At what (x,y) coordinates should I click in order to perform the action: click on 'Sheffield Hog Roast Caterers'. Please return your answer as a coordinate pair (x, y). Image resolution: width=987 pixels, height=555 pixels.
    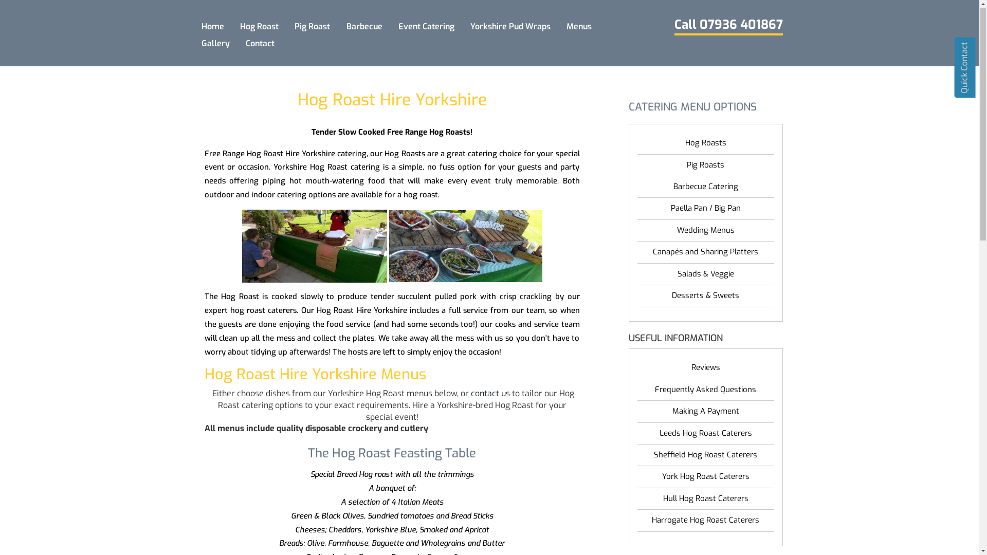
    Looking at the image, I should click on (705, 455).